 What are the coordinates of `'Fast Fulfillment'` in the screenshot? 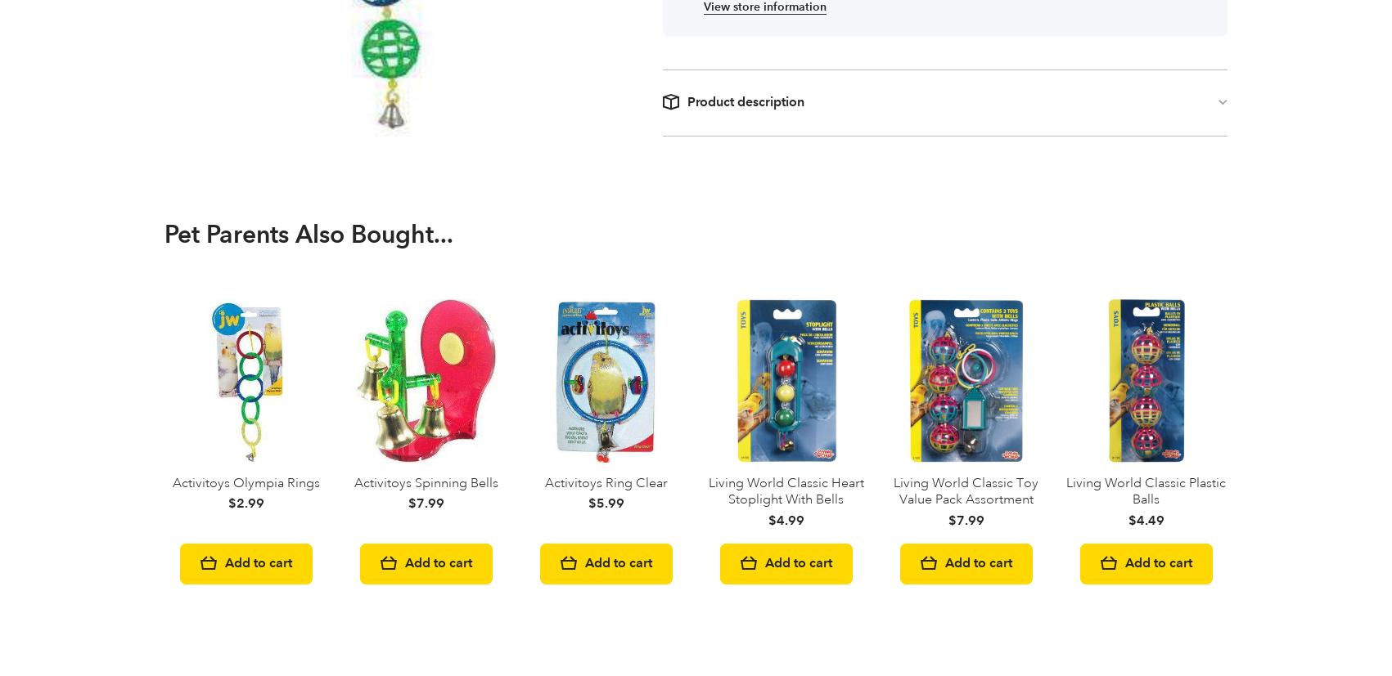 It's located at (219, 468).